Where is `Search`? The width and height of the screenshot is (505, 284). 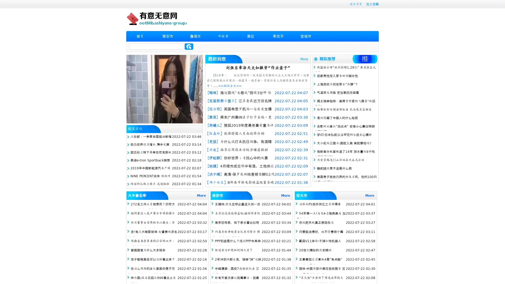 Search is located at coordinates (189, 46).